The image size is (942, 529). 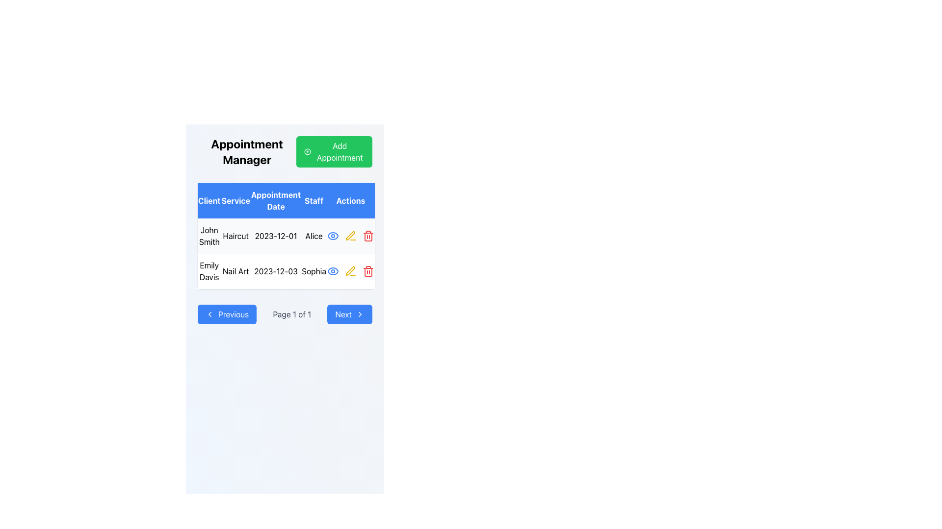 What do you see at coordinates (360, 314) in the screenshot?
I see `the chevron icon located on the right side of the 'Next' button to potentially reveal additional functionality` at bounding box center [360, 314].